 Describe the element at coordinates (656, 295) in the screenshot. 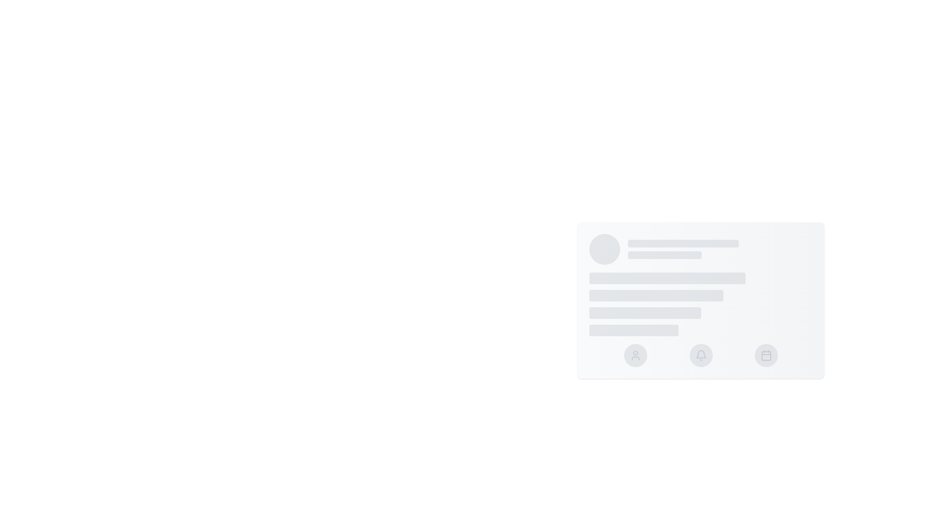

I see `the second skeleton loader bar element, which is a gray, horizontally elongated rectangular placeholder with rounded corners, positioned centrally below the first element in a vertically stacked group` at that location.